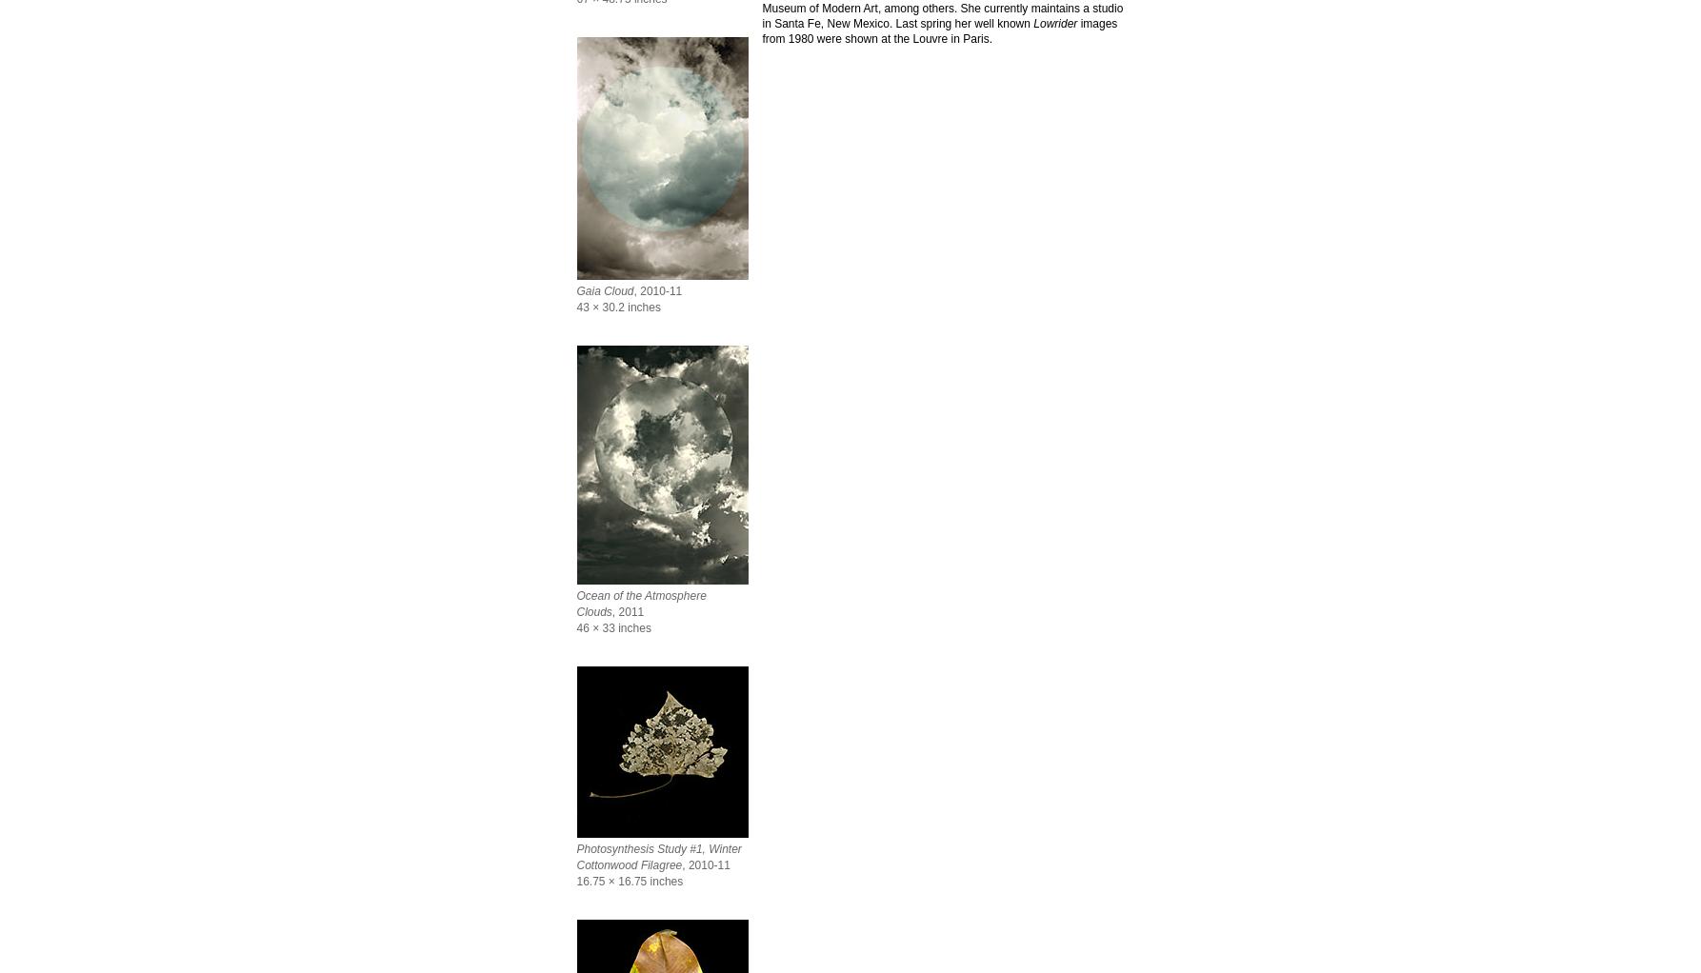  I want to click on '16.75 × 16.75 inches', so click(629, 882).